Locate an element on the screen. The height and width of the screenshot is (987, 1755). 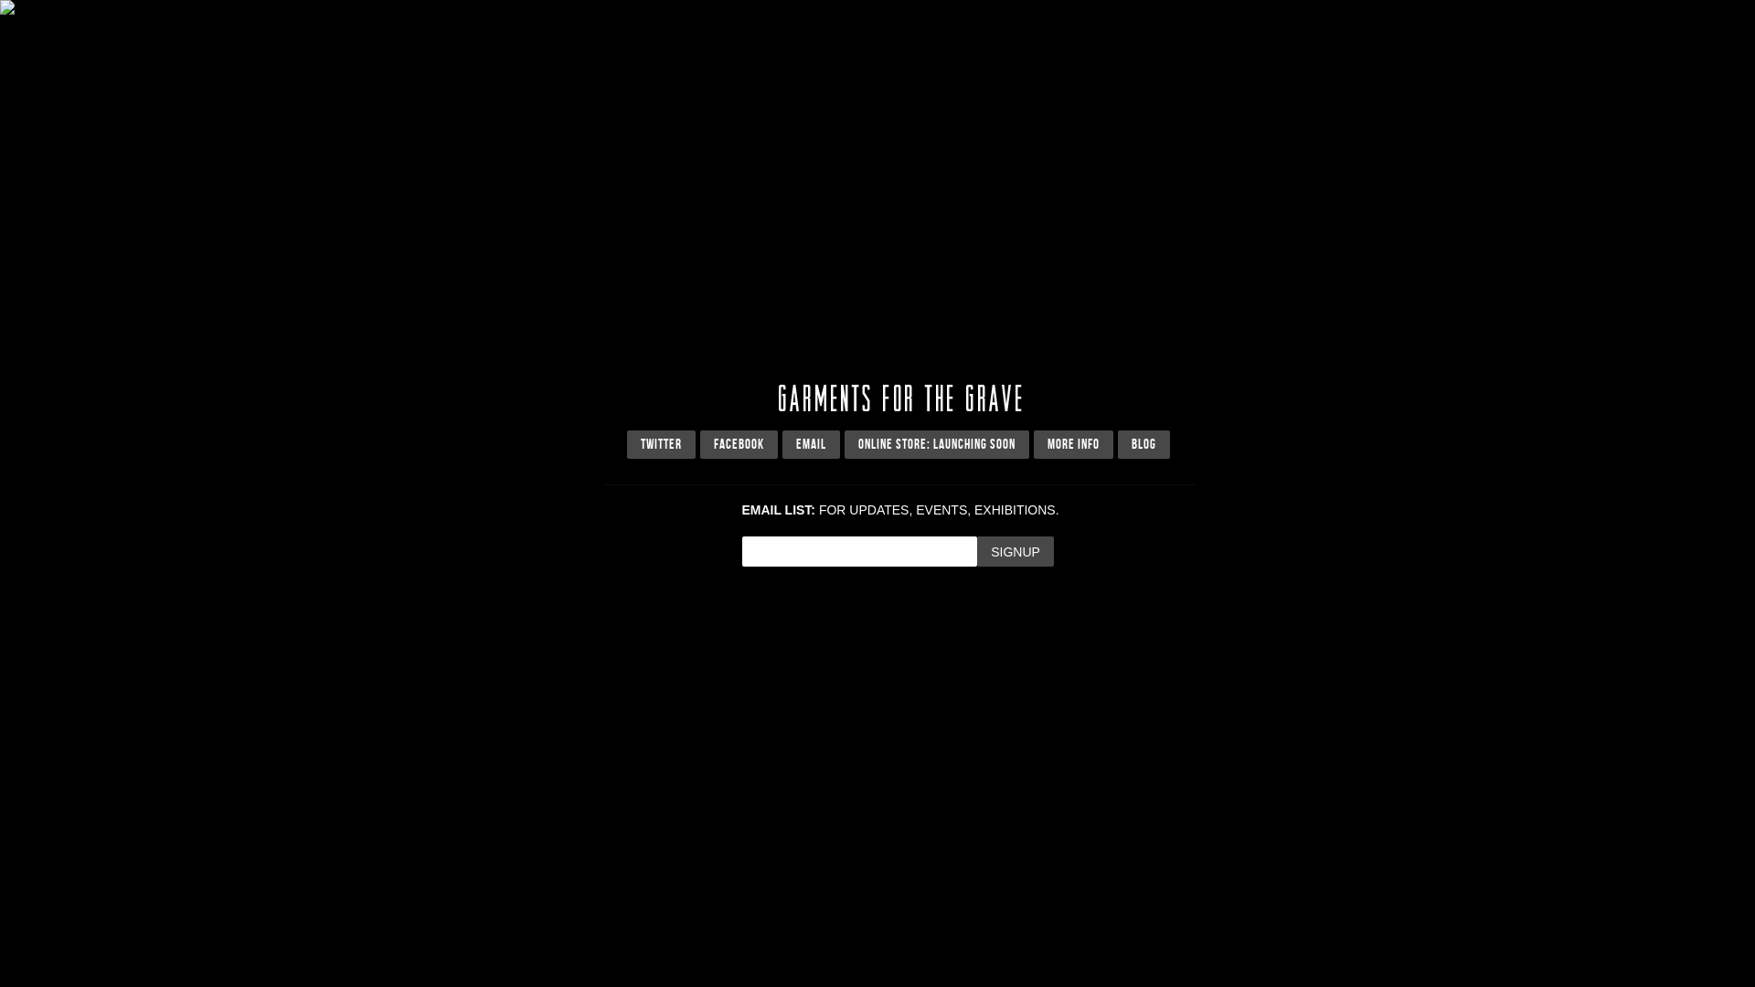
'BLOG' is located at coordinates (1142, 444).